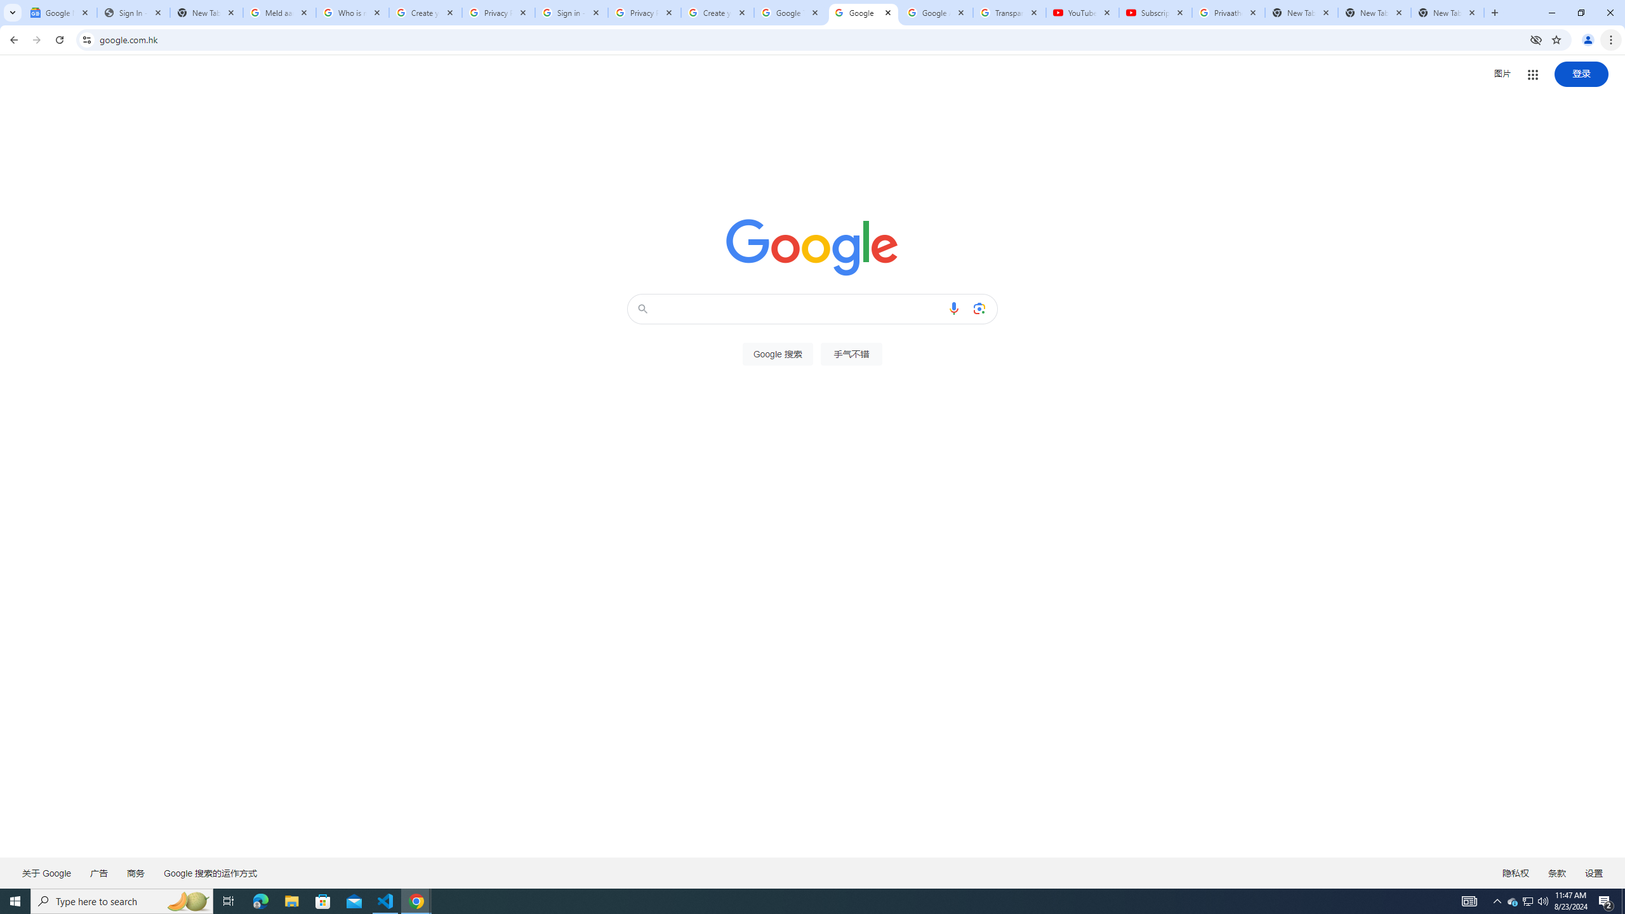 The height and width of the screenshot is (914, 1625). Describe the element at coordinates (717, 12) in the screenshot. I see `'Create your Google Account'` at that location.